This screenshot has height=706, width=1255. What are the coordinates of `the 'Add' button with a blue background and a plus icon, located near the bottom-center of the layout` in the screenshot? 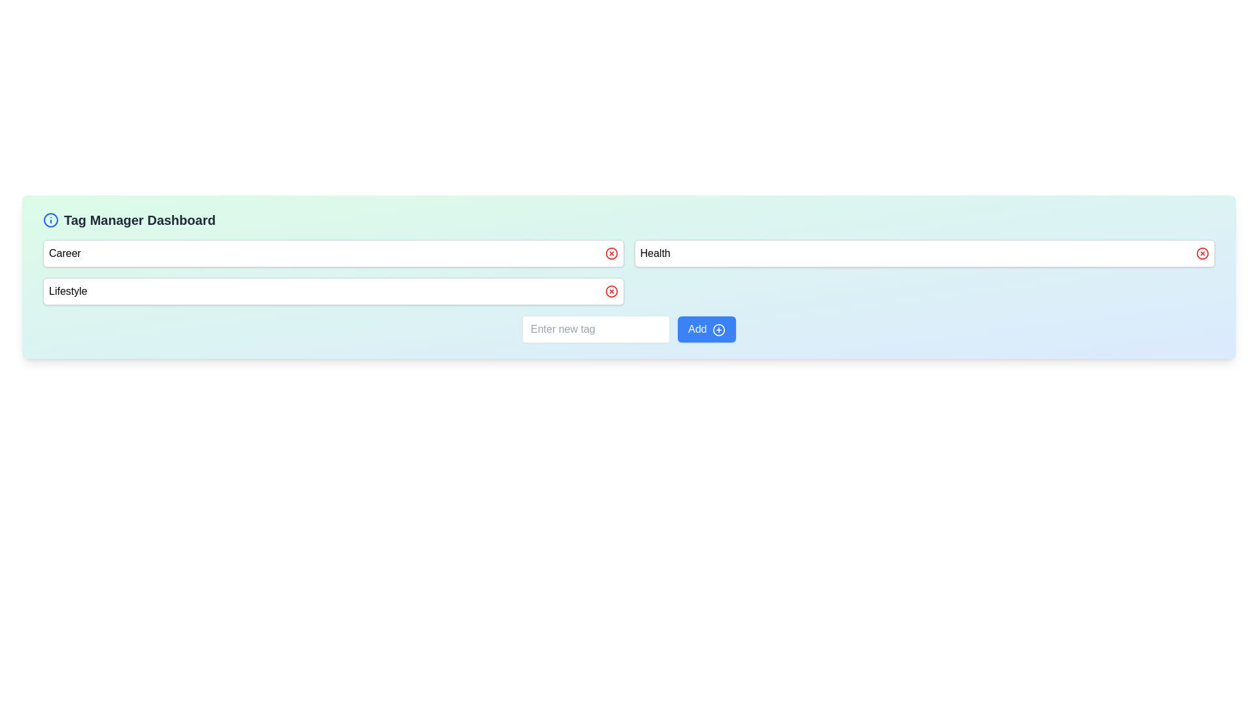 It's located at (705, 329).